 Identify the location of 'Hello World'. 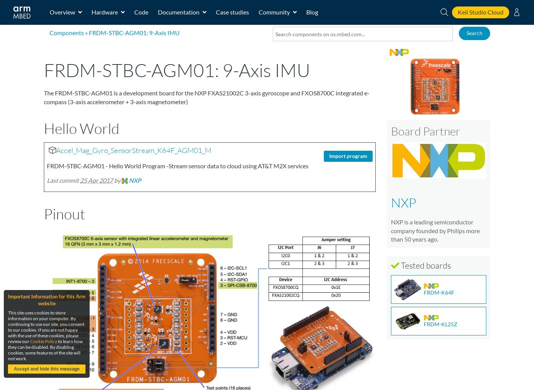
(82, 128).